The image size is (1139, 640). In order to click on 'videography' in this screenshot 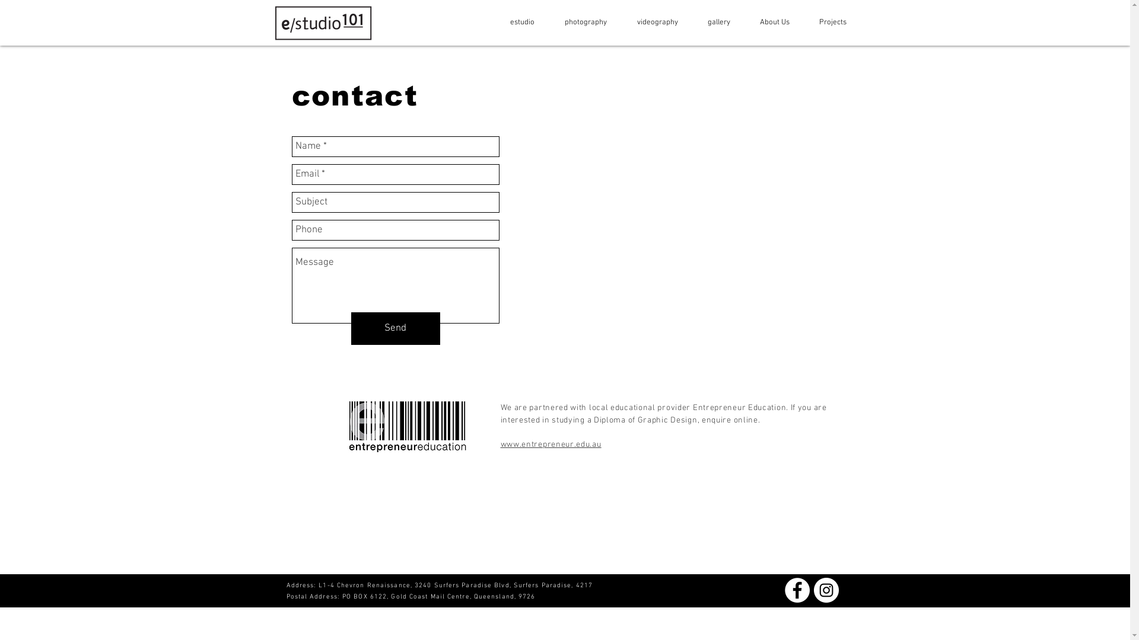, I will do `click(651, 23)`.